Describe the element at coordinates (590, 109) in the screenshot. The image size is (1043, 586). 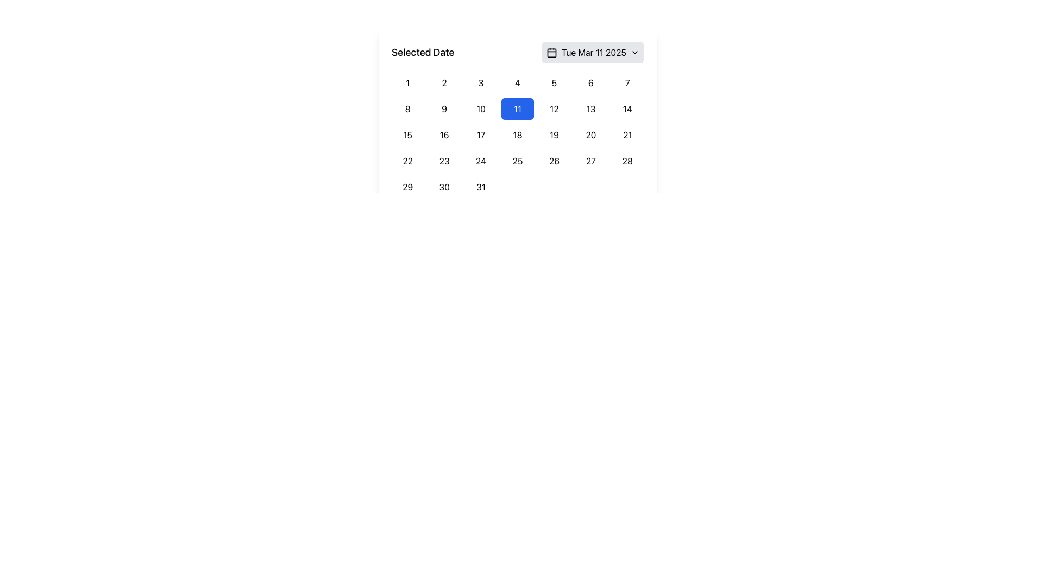
I see `the '13' day button in the calendar grid` at that location.